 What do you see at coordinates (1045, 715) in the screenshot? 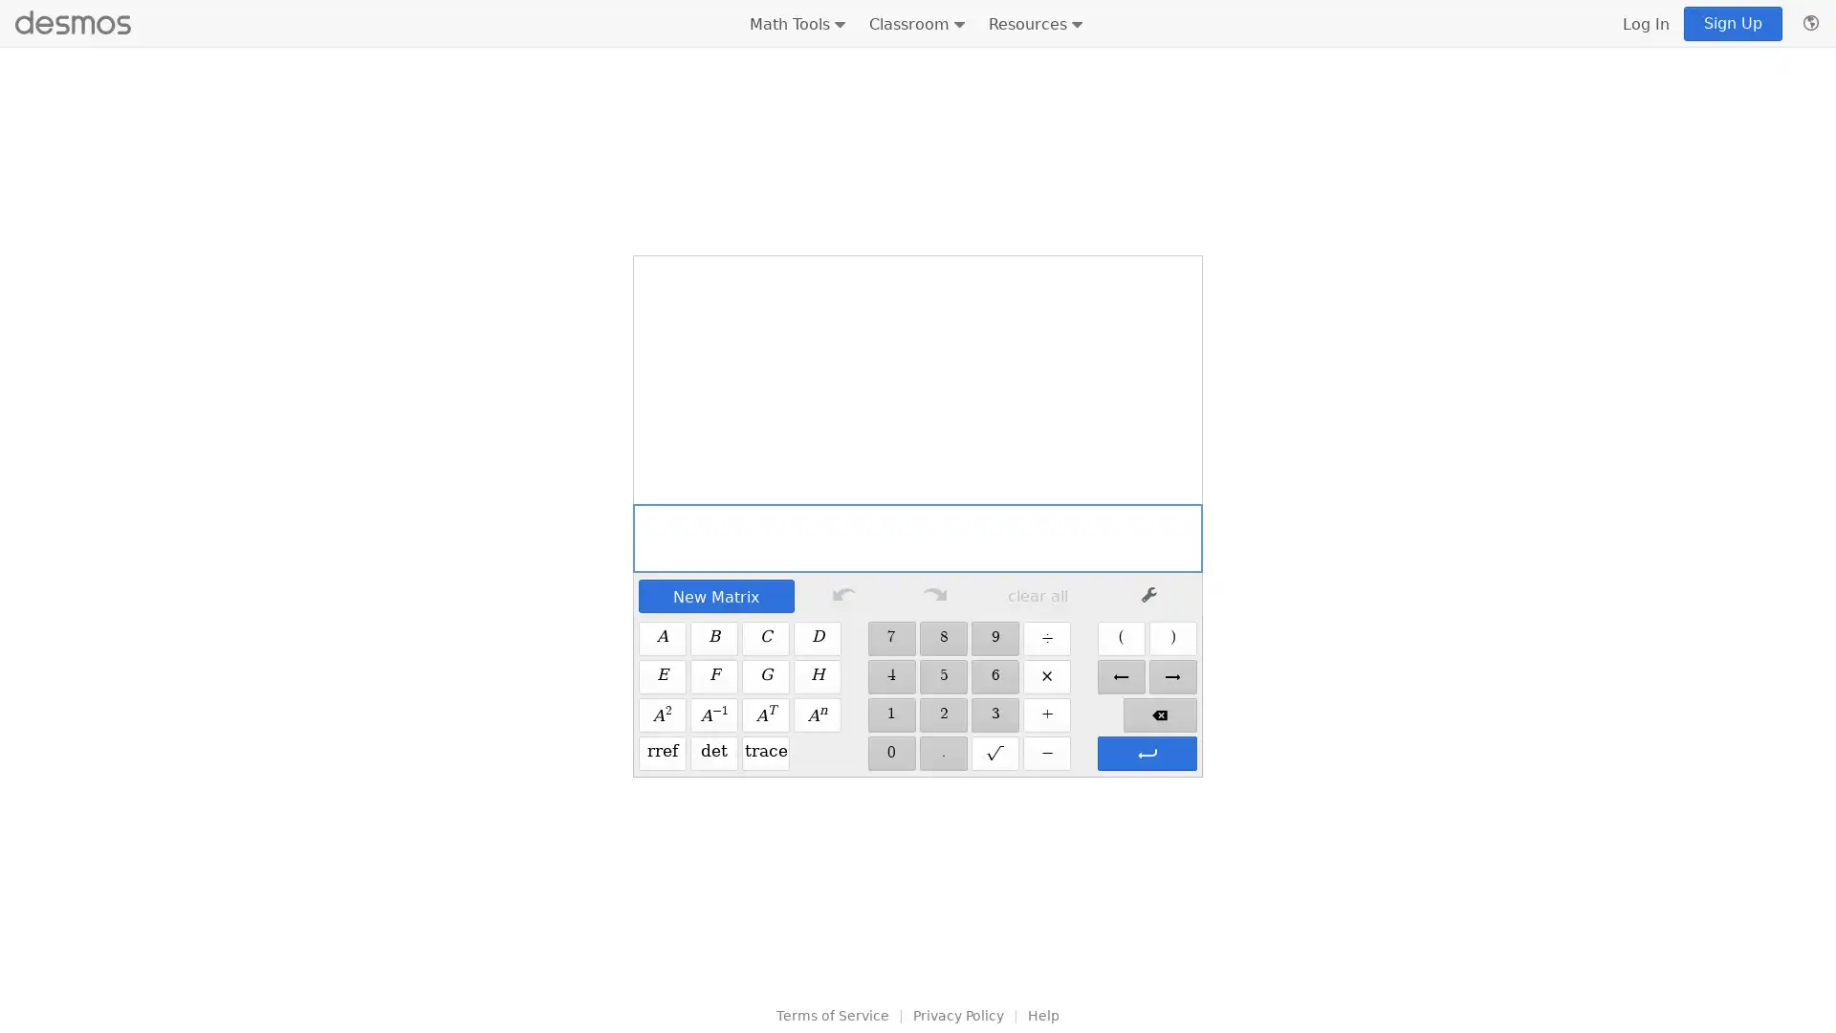
I see `Plus` at bounding box center [1045, 715].